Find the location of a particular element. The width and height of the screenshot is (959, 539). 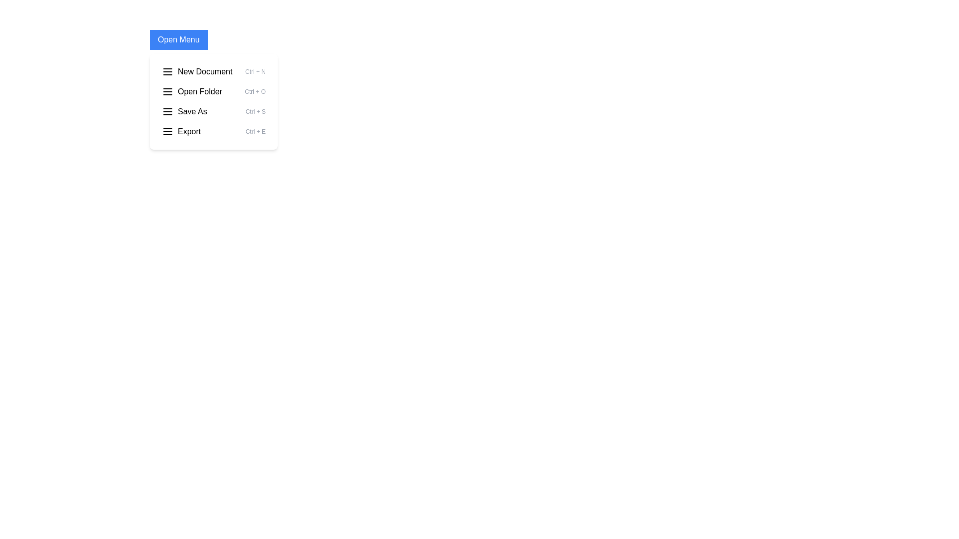

the 'Open Folder' text label in the vertical menu, which is the second item below 'New Document' and above 'Save As' is located at coordinates (200, 92).